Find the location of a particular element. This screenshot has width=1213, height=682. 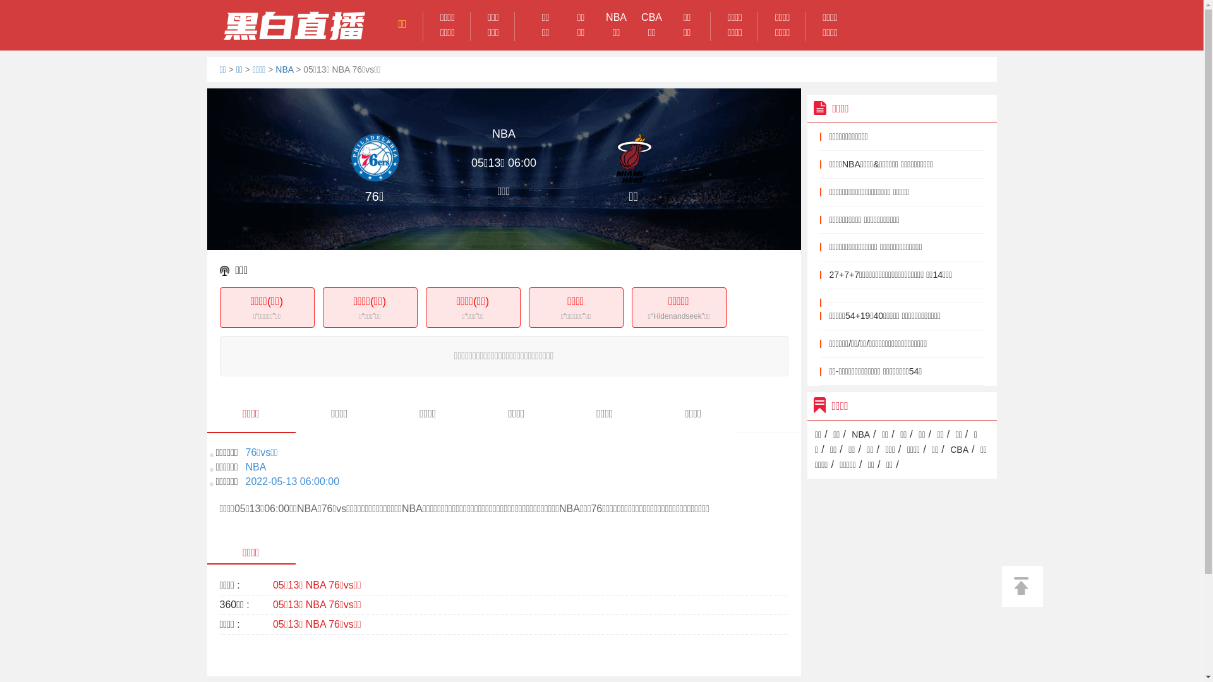

'NBA' is located at coordinates (616, 17).